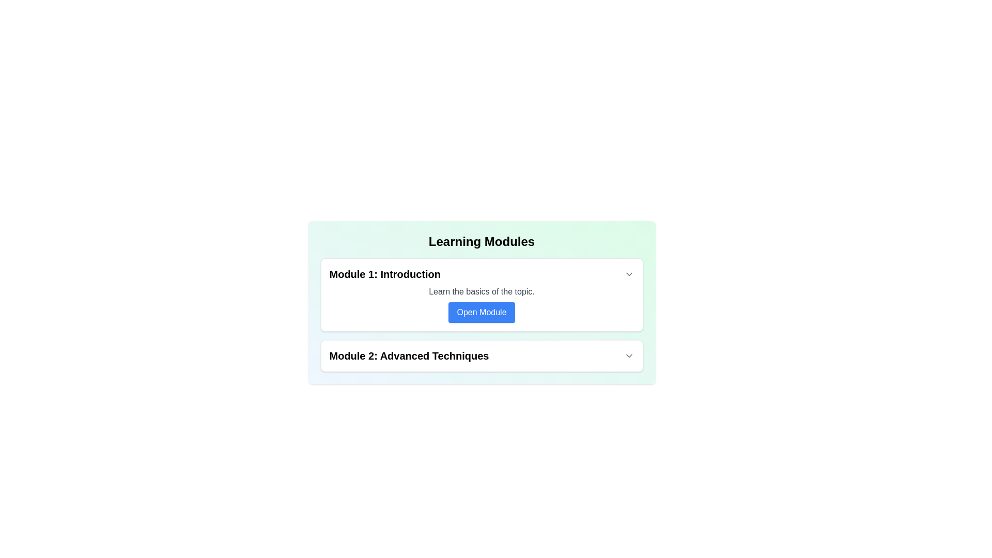 The image size is (992, 558). What do you see at coordinates (628, 355) in the screenshot?
I see `the chevron-down icon button located at the rightmost end of the header for 'Module 2: Advanced Techniques' to change its appearance` at bounding box center [628, 355].